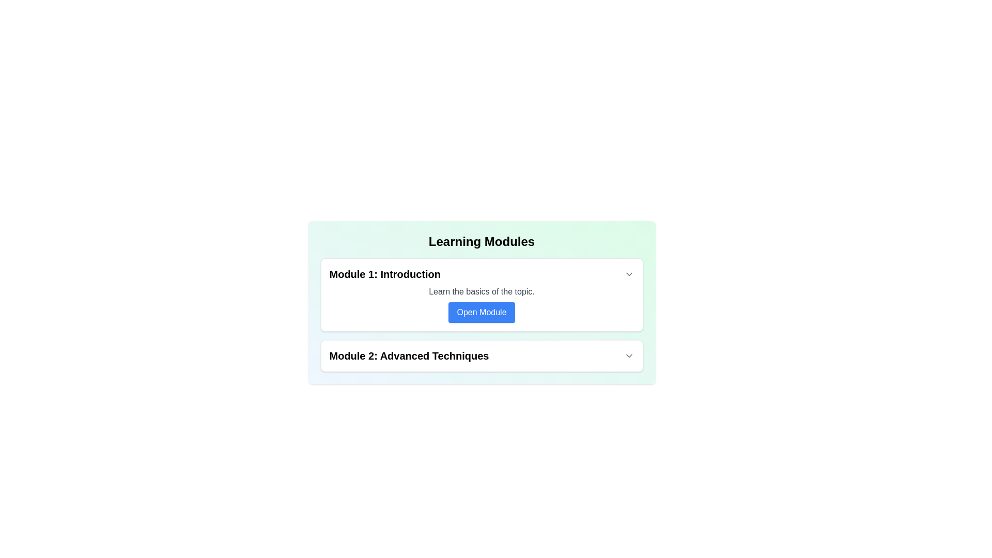 The image size is (992, 558). What do you see at coordinates (628, 355) in the screenshot?
I see `the chevron-down icon button located at the rightmost end of the header for 'Module 2: Advanced Techniques' to change its appearance` at bounding box center [628, 355].